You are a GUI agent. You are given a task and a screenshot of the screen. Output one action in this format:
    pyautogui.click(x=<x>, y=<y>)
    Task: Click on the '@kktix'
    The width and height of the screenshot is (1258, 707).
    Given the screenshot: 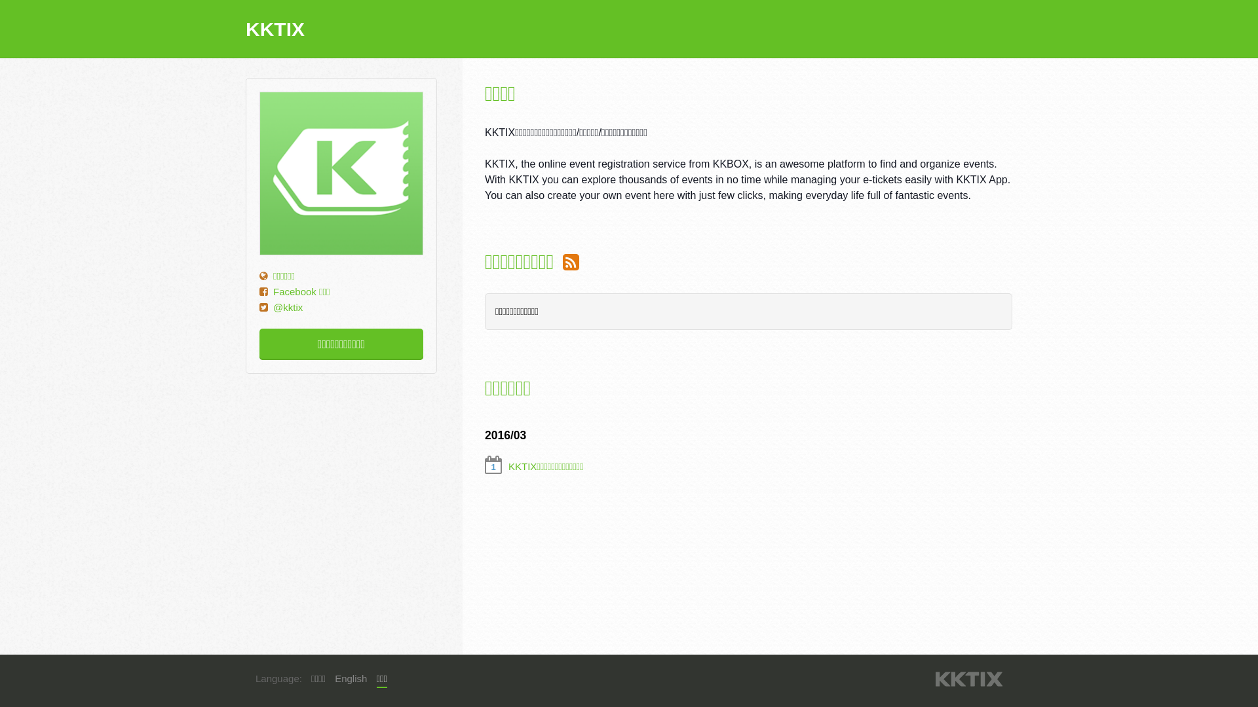 What is the action you would take?
    pyautogui.click(x=287, y=307)
    